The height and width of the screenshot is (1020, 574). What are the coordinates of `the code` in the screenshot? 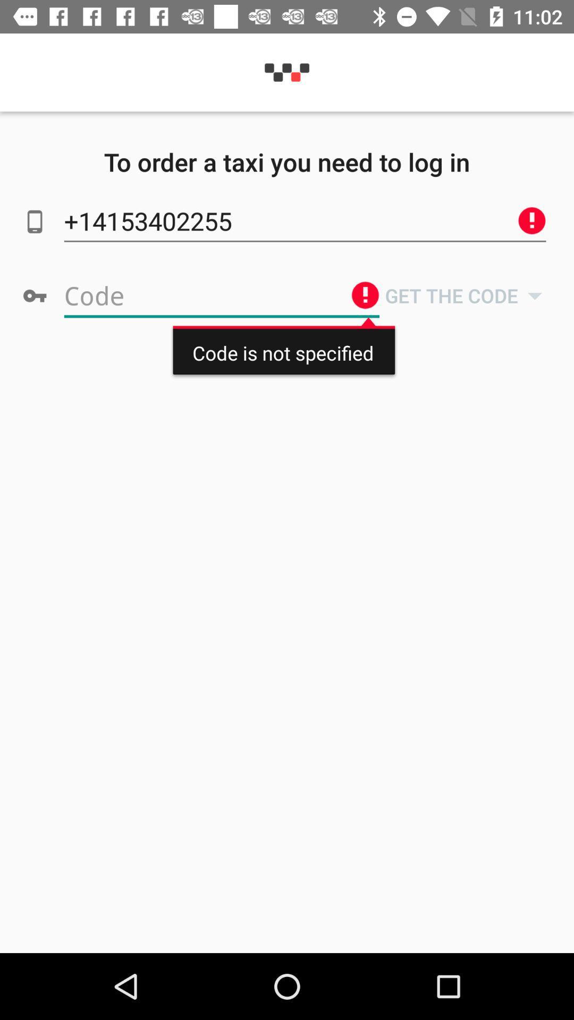 It's located at (221, 295).